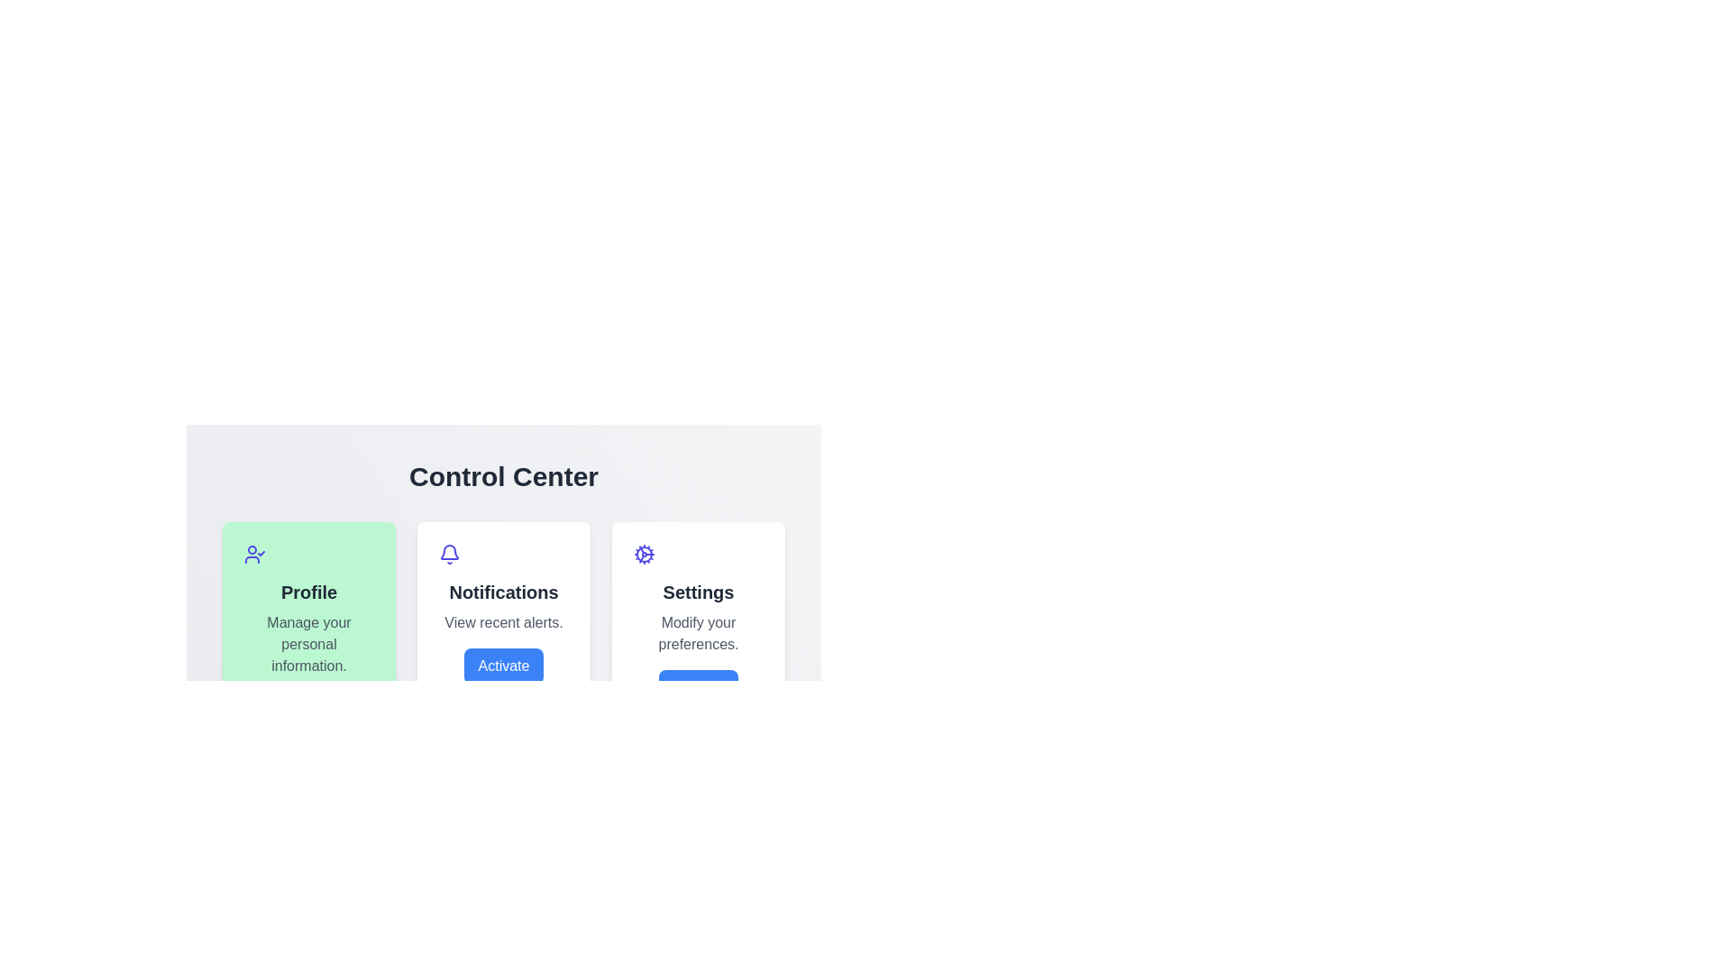 This screenshot has width=1731, height=974. What do you see at coordinates (254, 553) in the screenshot?
I see `the presence of the profile icon located in the top-left corner of the profile card, above the 'Profile' text` at bounding box center [254, 553].